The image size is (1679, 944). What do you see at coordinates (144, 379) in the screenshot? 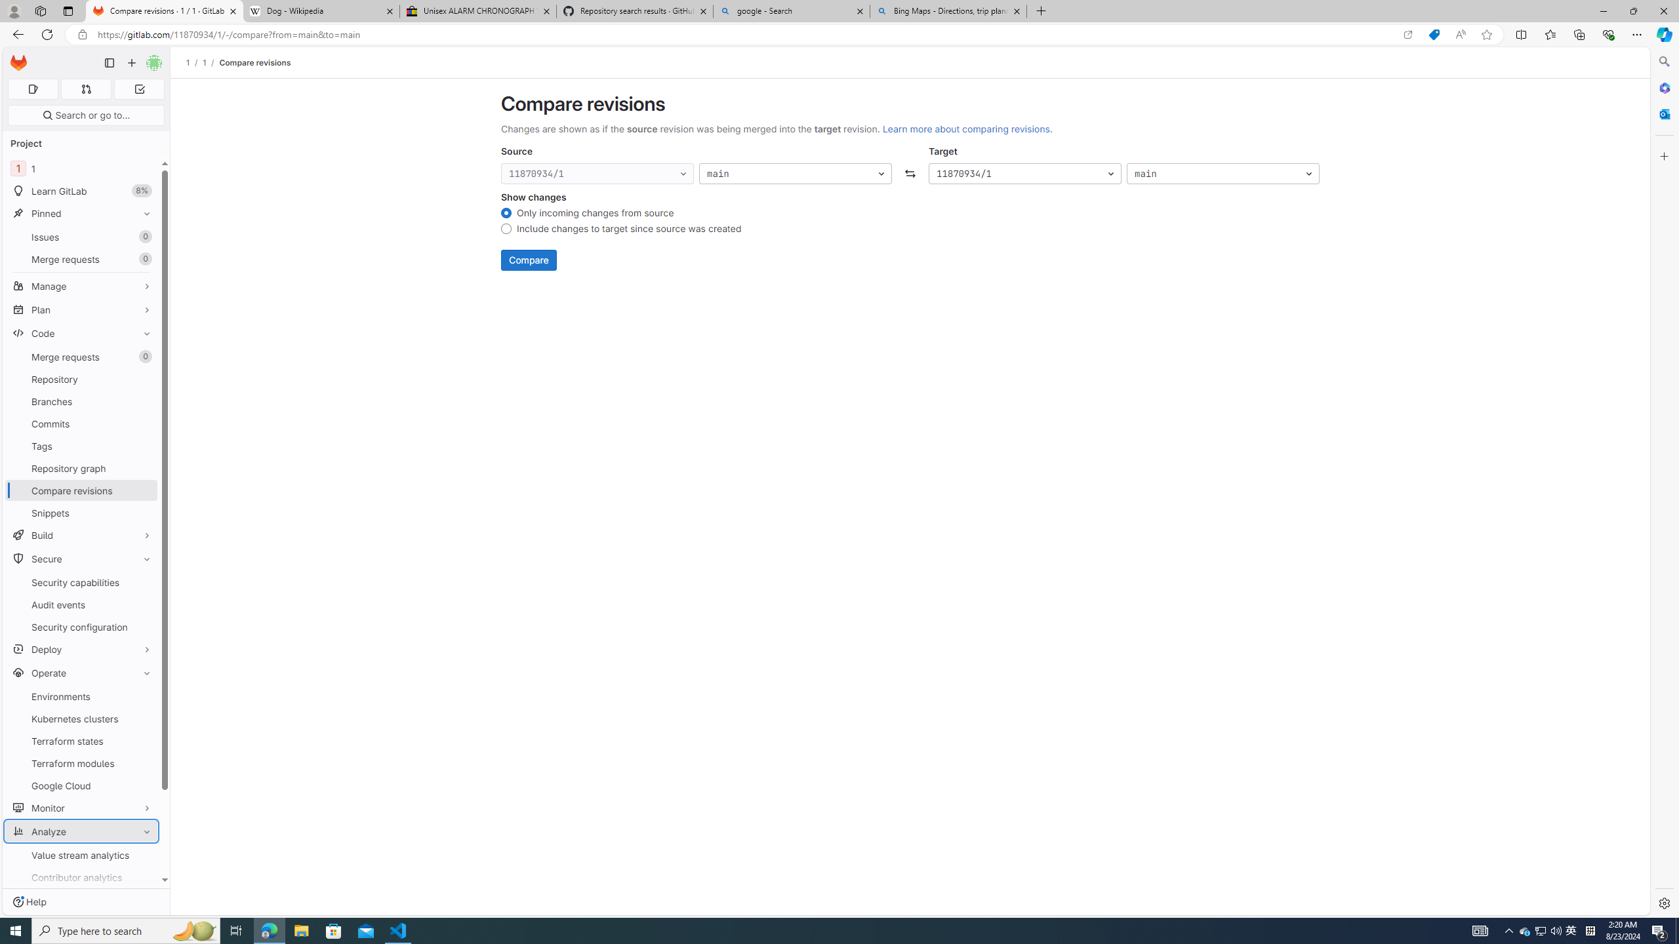
I see `'Pin Repository'` at bounding box center [144, 379].